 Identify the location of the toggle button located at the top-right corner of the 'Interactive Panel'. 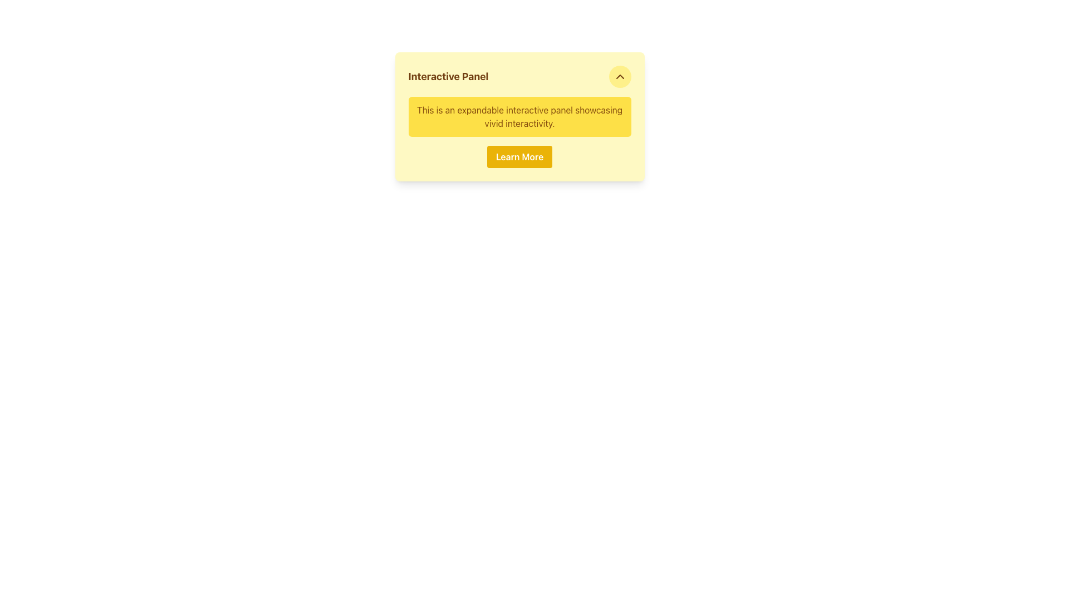
(619, 76).